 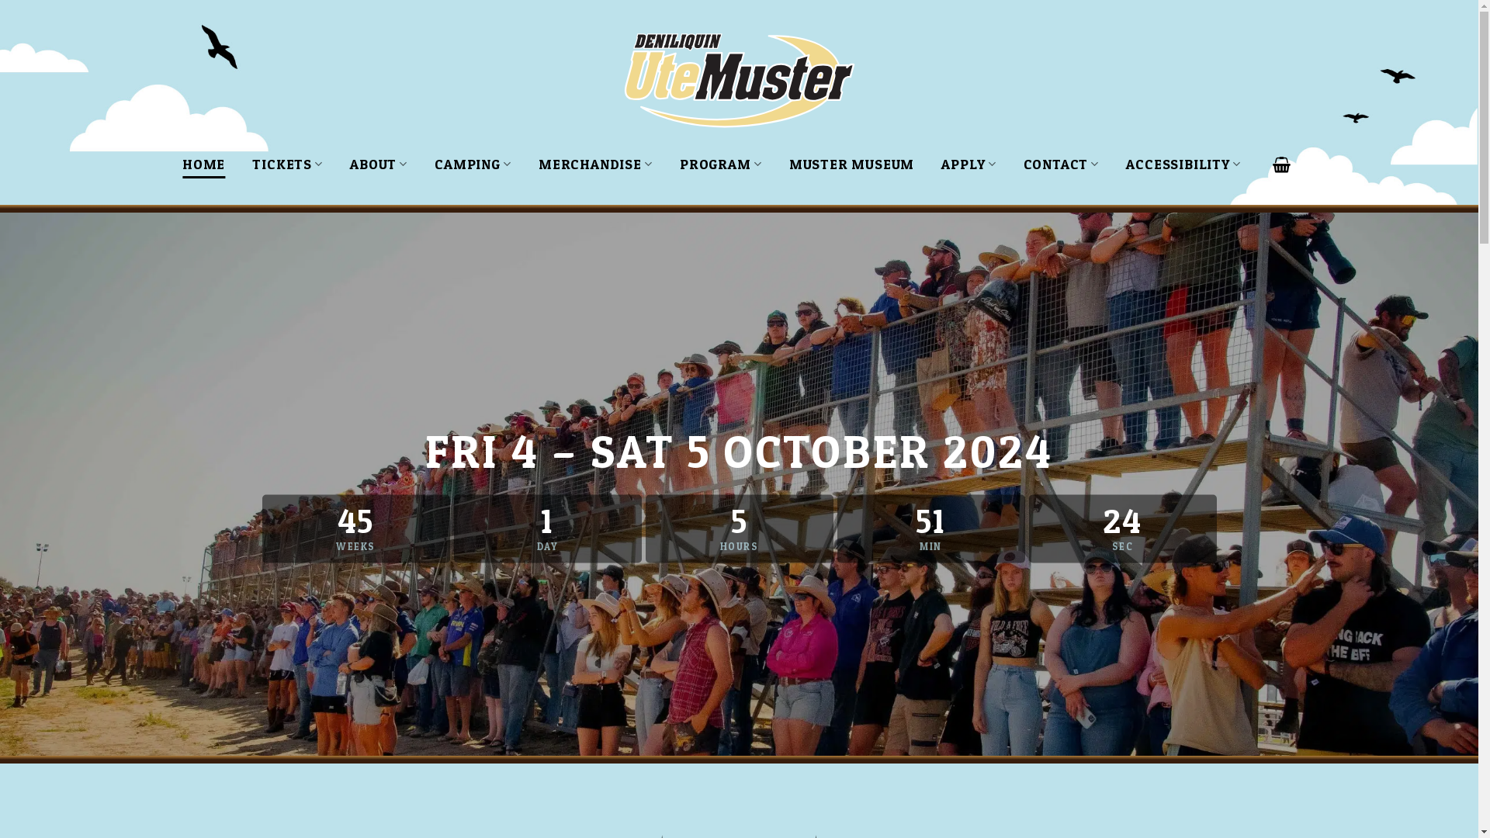 What do you see at coordinates (851, 164) in the screenshot?
I see `'MUSTER MUSEUM'` at bounding box center [851, 164].